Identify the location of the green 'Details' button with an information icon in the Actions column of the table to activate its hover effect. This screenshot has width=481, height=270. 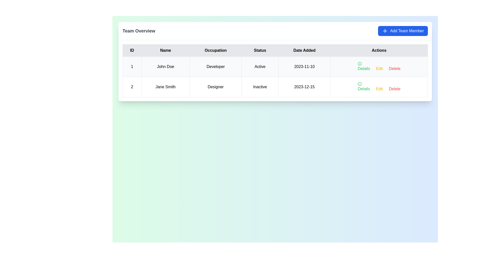
(364, 66).